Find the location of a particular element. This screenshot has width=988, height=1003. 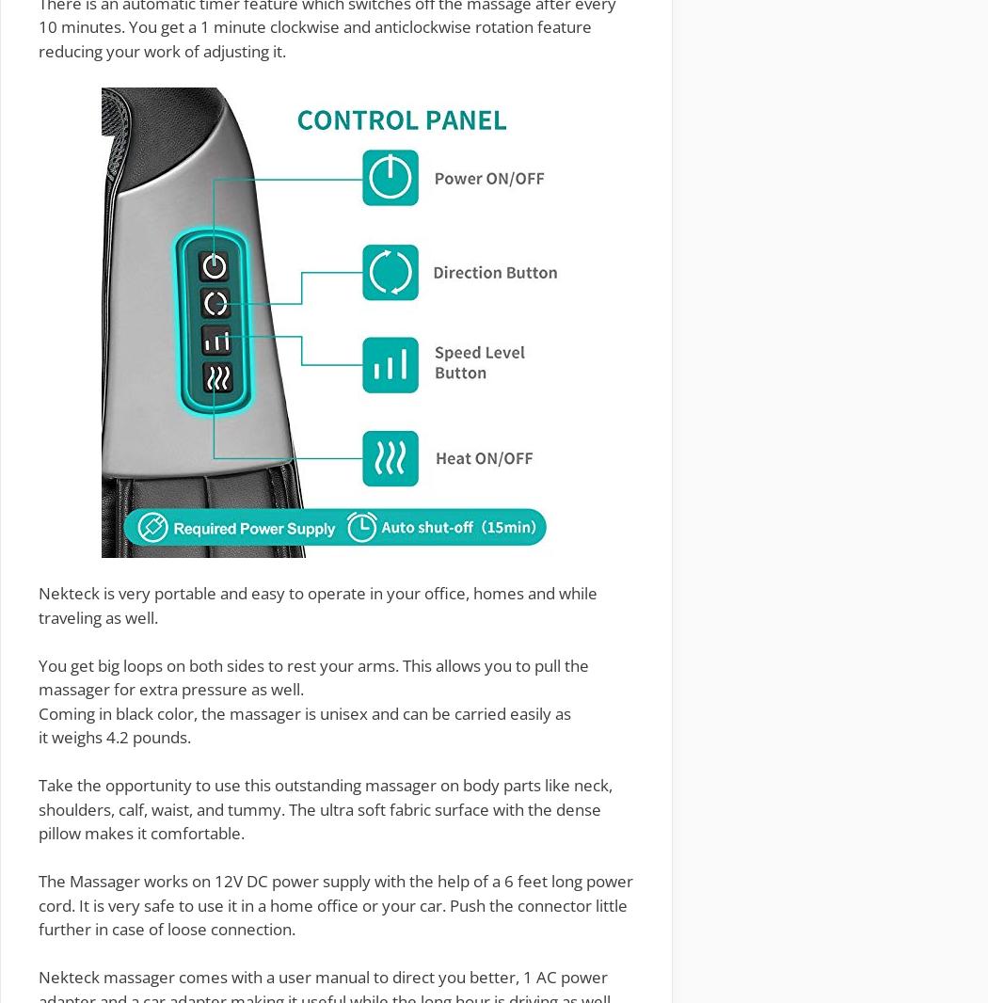

'and can be carried easily as it' is located at coordinates (305, 724).